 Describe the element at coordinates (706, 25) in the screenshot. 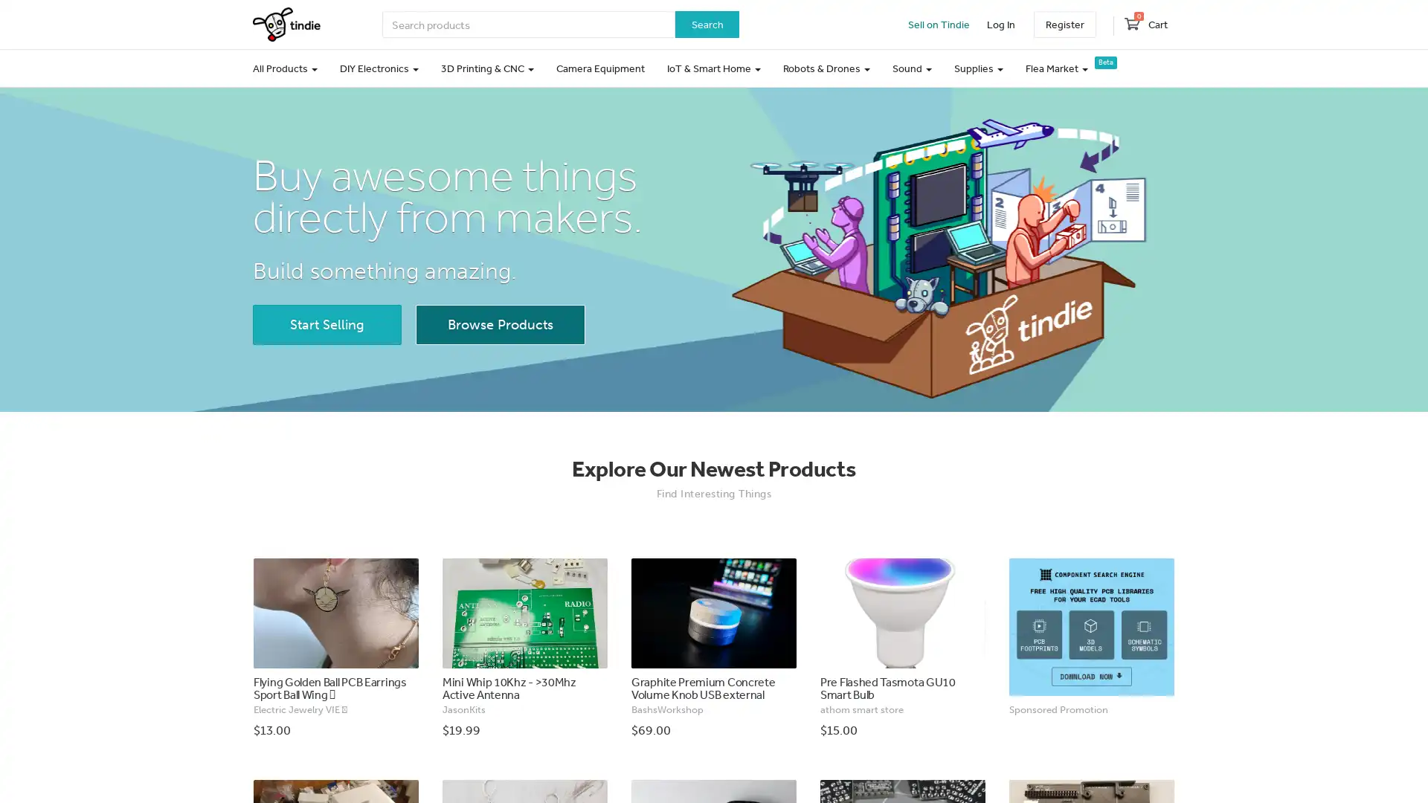

I see `Search` at that location.